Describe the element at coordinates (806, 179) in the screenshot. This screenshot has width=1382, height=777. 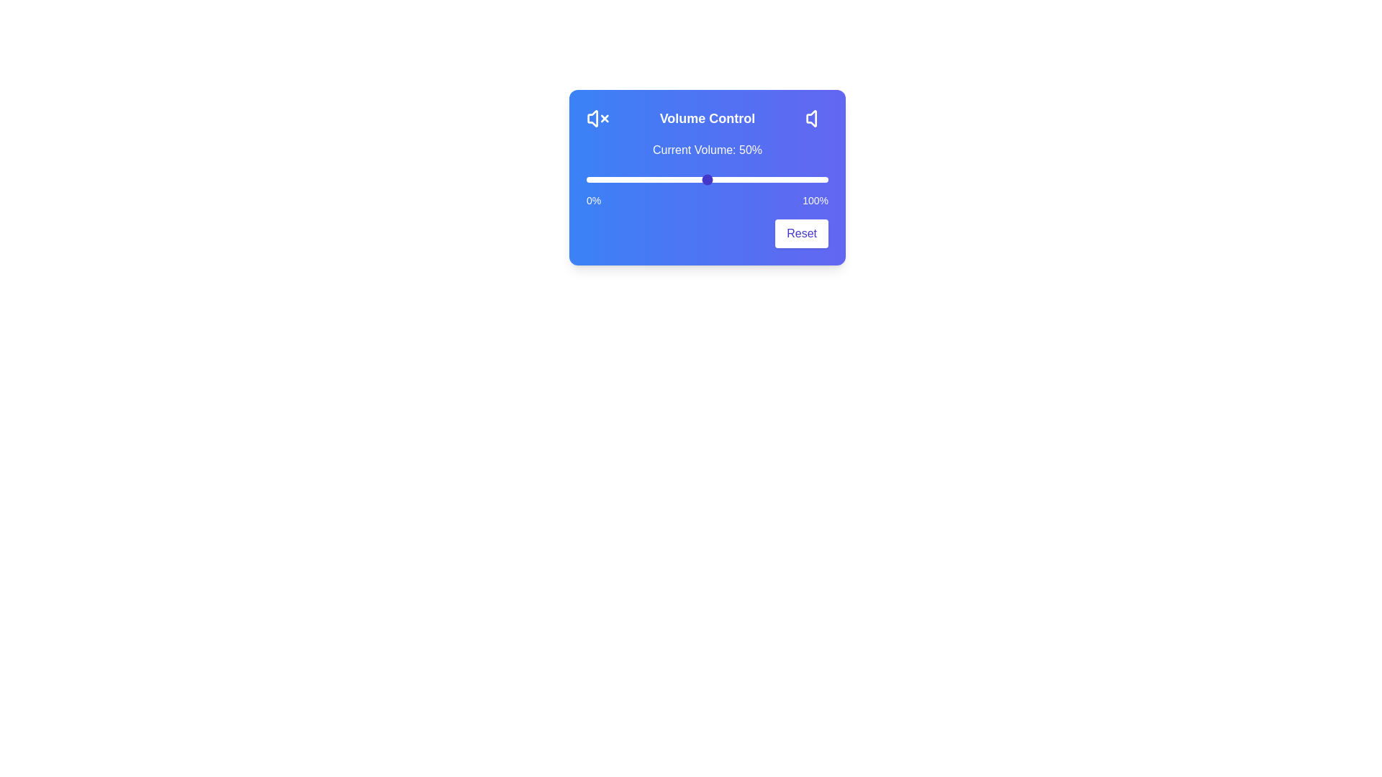
I see `the volume slider to 91%` at that location.